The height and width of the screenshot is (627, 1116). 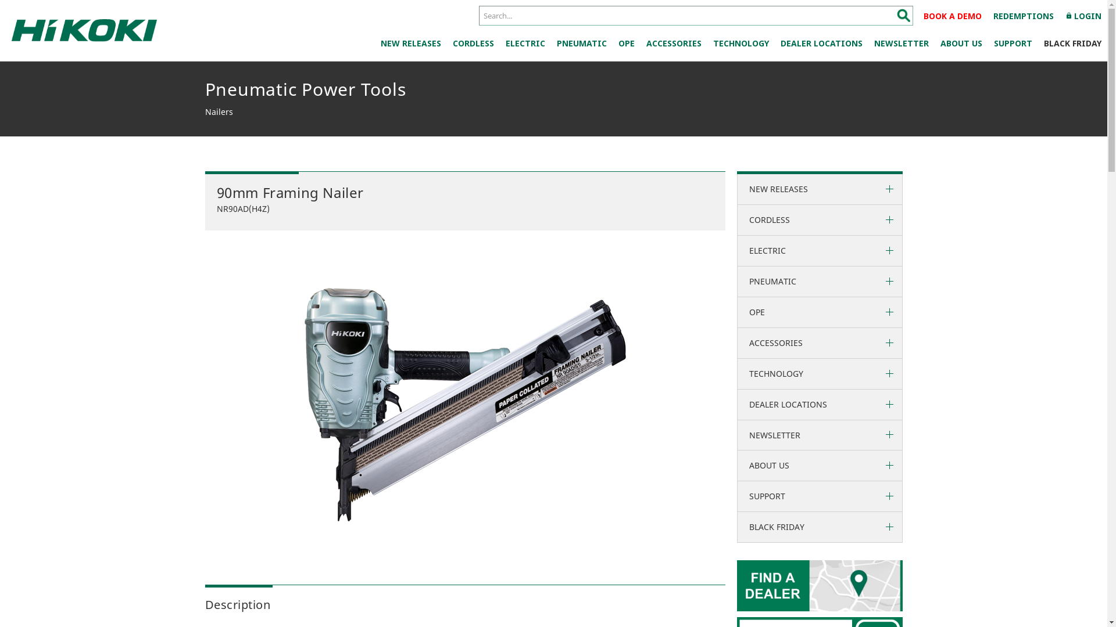 What do you see at coordinates (446, 42) in the screenshot?
I see `'CORDLESS'` at bounding box center [446, 42].